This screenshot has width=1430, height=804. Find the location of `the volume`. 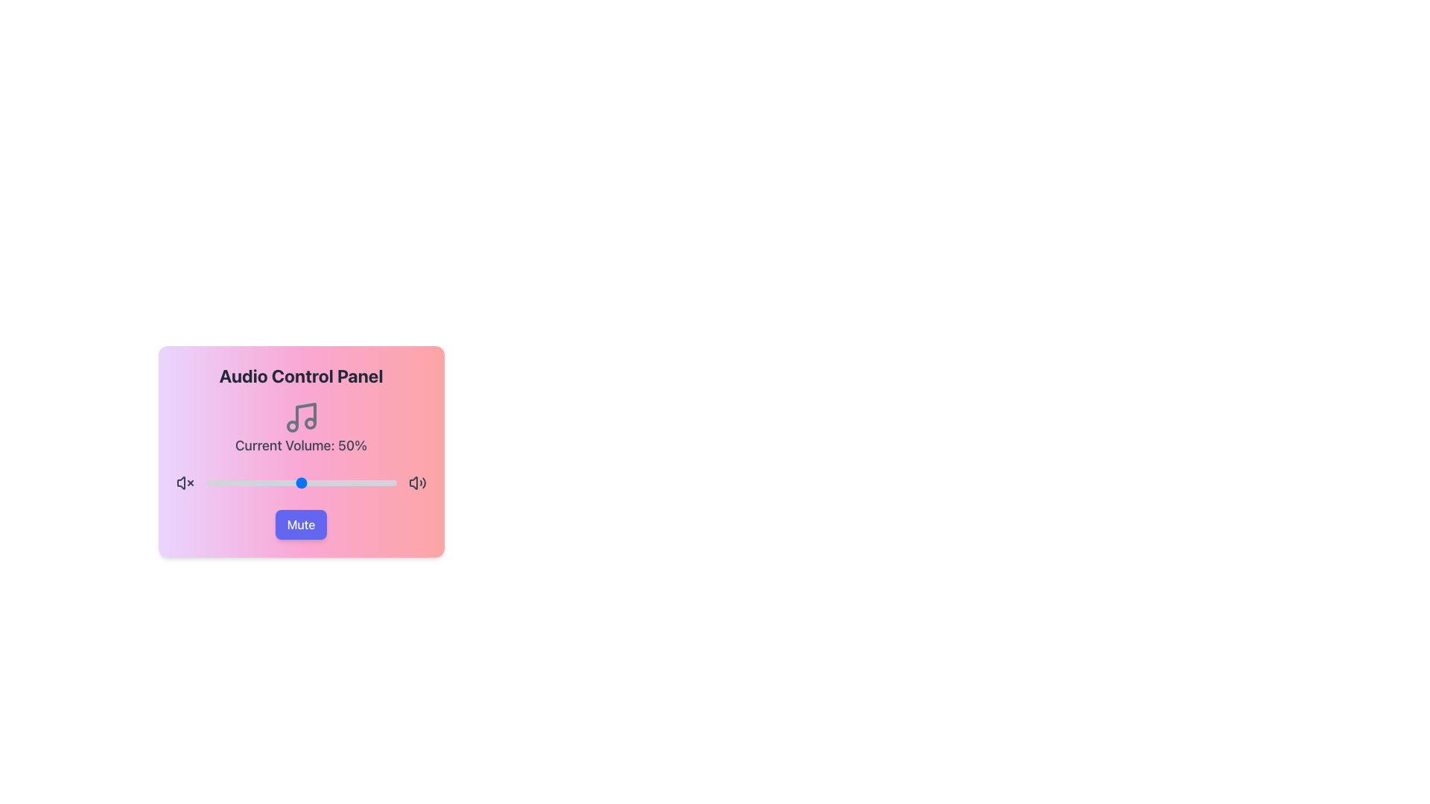

the volume is located at coordinates (310, 482).